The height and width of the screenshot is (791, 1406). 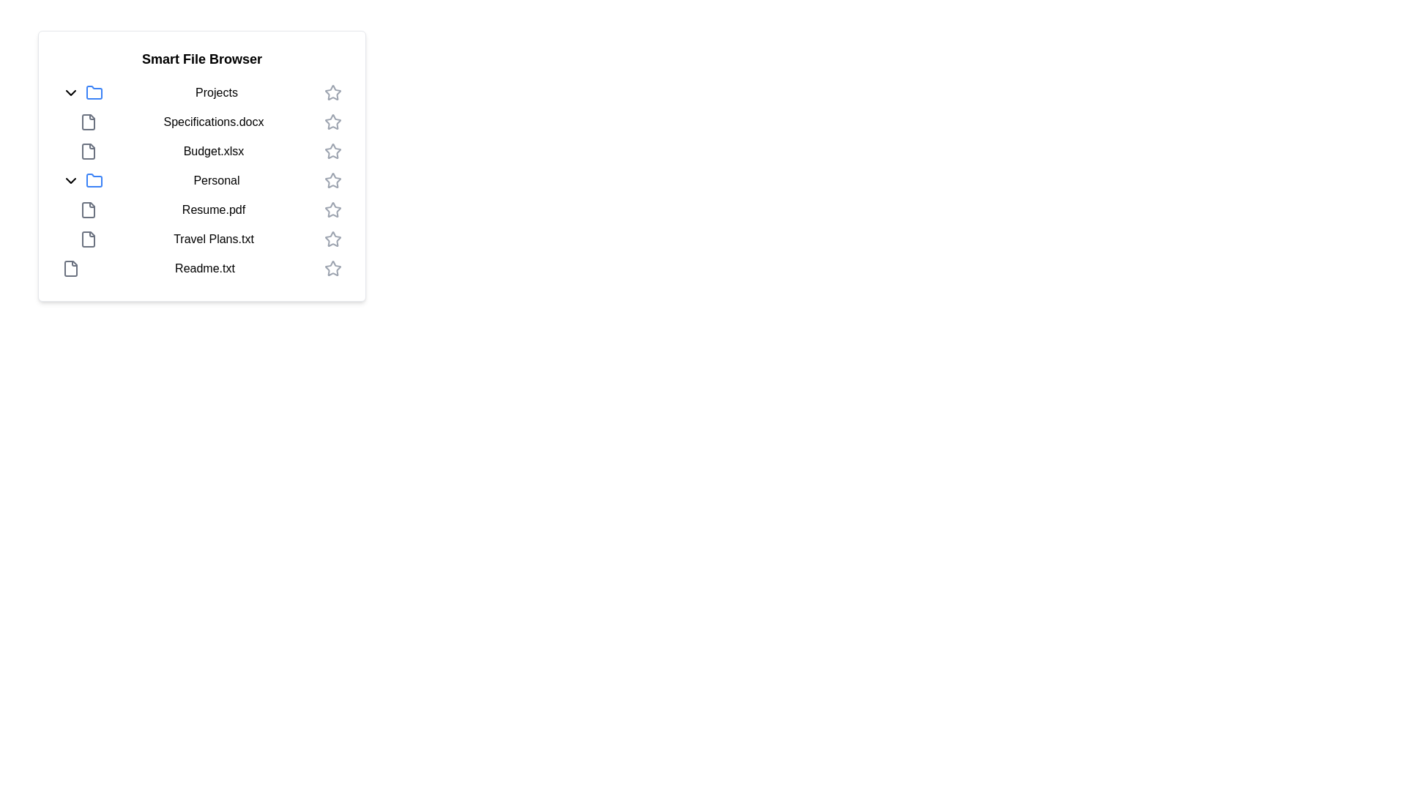 What do you see at coordinates (332, 209) in the screenshot?
I see `the fifth star icon button associated with the 'Resume.pdf' file` at bounding box center [332, 209].